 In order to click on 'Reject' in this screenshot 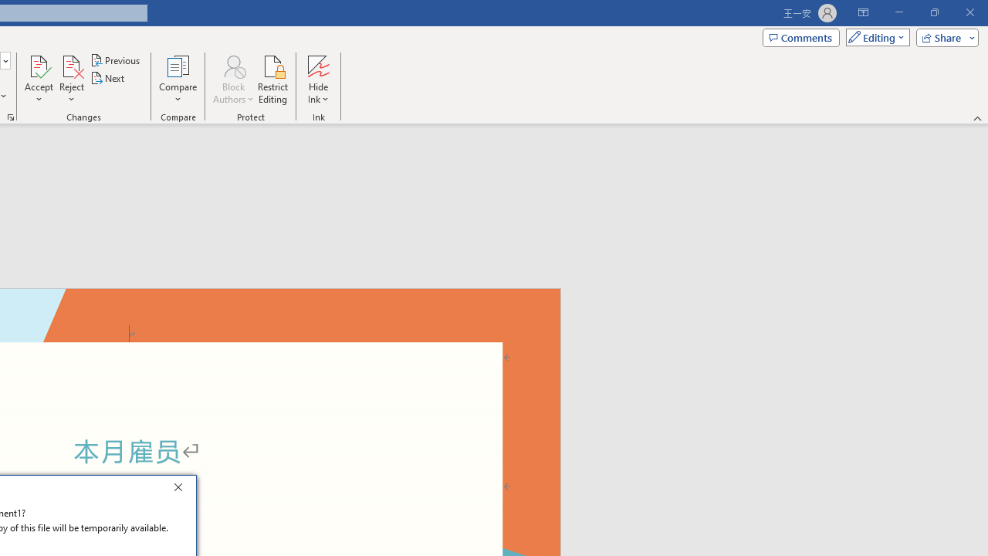, I will do `click(70, 80)`.